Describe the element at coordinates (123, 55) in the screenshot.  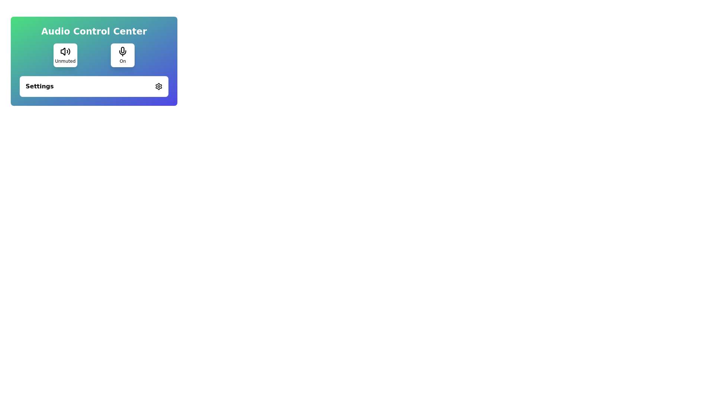
I see `the 'On' button with a microphone icon` at that location.